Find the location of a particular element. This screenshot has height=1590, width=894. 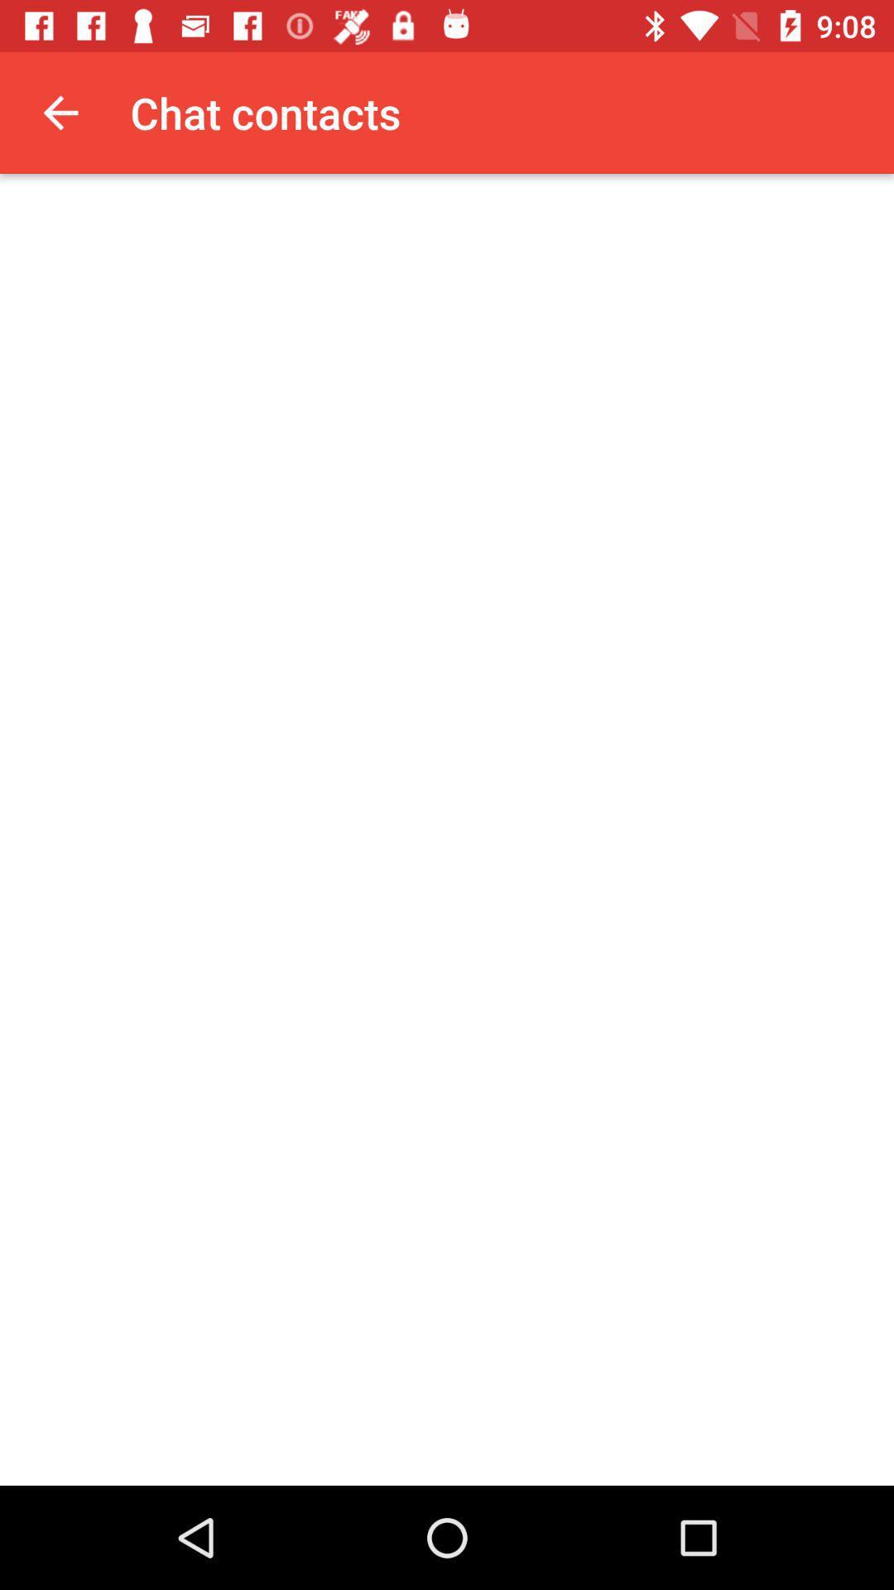

the app to the left of the chat contacts is located at coordinates (60, 112).